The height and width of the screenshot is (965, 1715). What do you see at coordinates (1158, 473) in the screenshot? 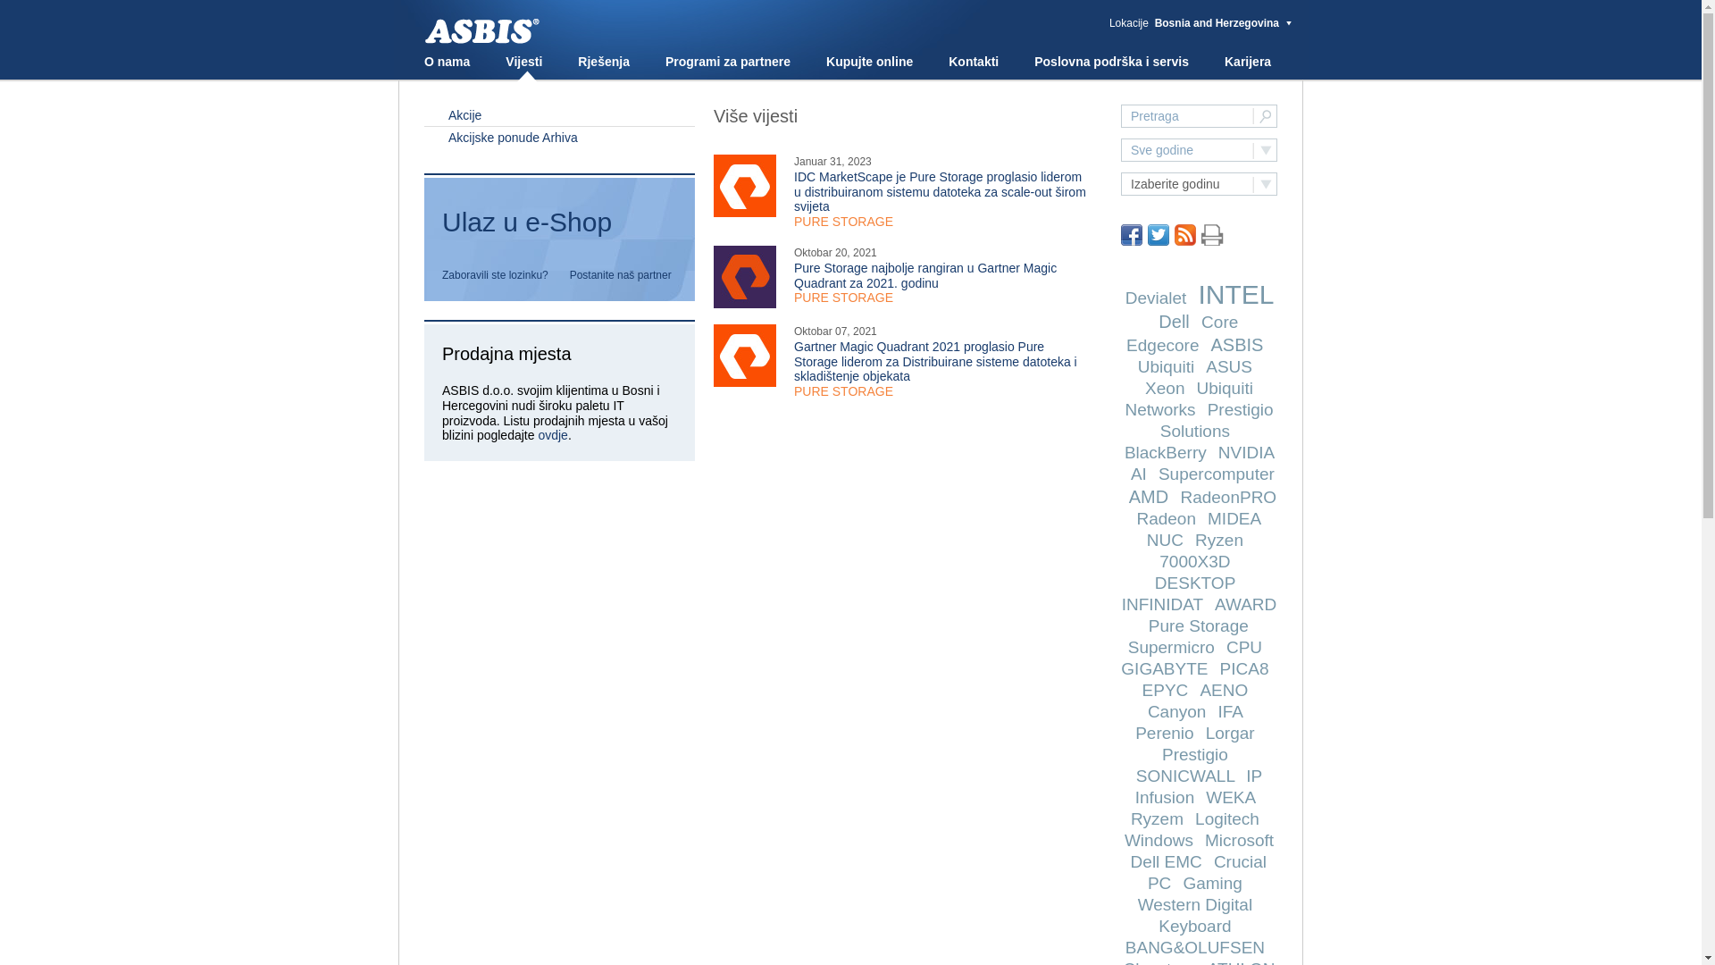
I see `'Supercomputer'` at bounding box center [1158, 473].